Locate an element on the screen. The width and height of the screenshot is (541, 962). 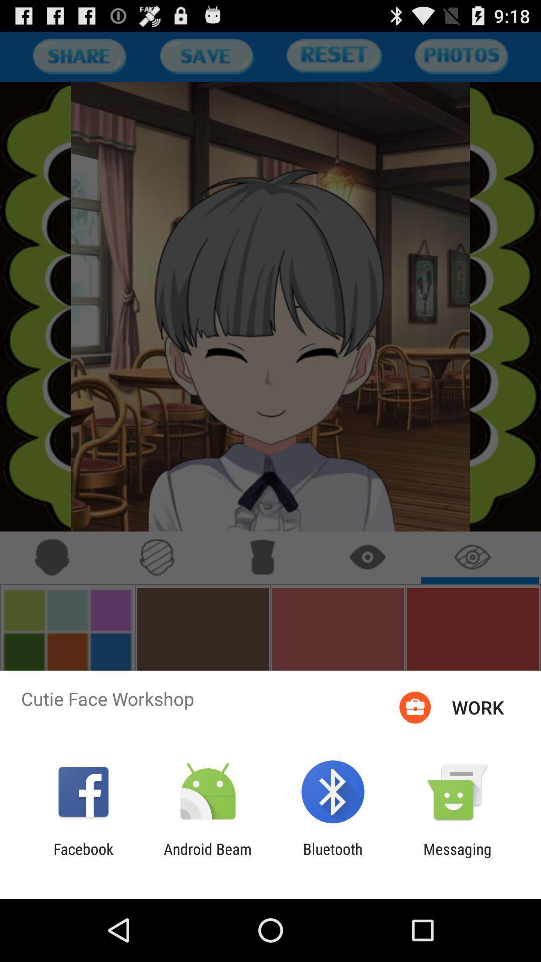
app to the right of android beam icon is located at coordinates (333, 857).